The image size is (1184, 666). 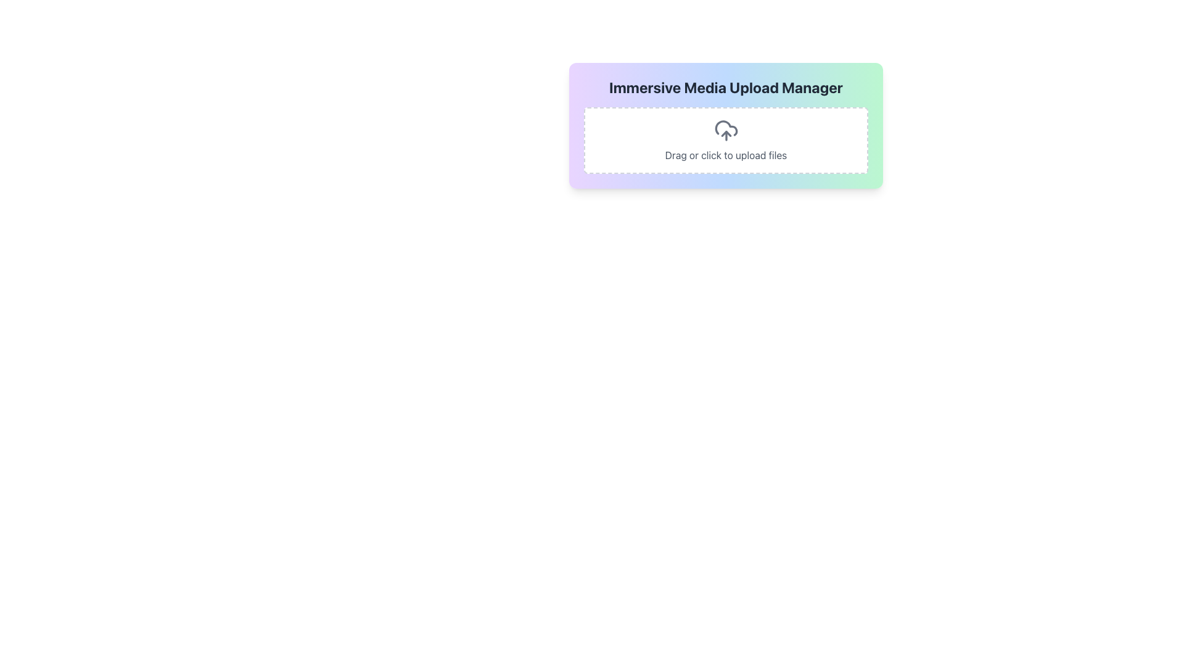 I want to click on the graphical cloud icon, which is the outer curve of the cloud in the upload area, positioned centrally and visually surrounding the upward arrow and vertical line, so click(x=726, y=128).